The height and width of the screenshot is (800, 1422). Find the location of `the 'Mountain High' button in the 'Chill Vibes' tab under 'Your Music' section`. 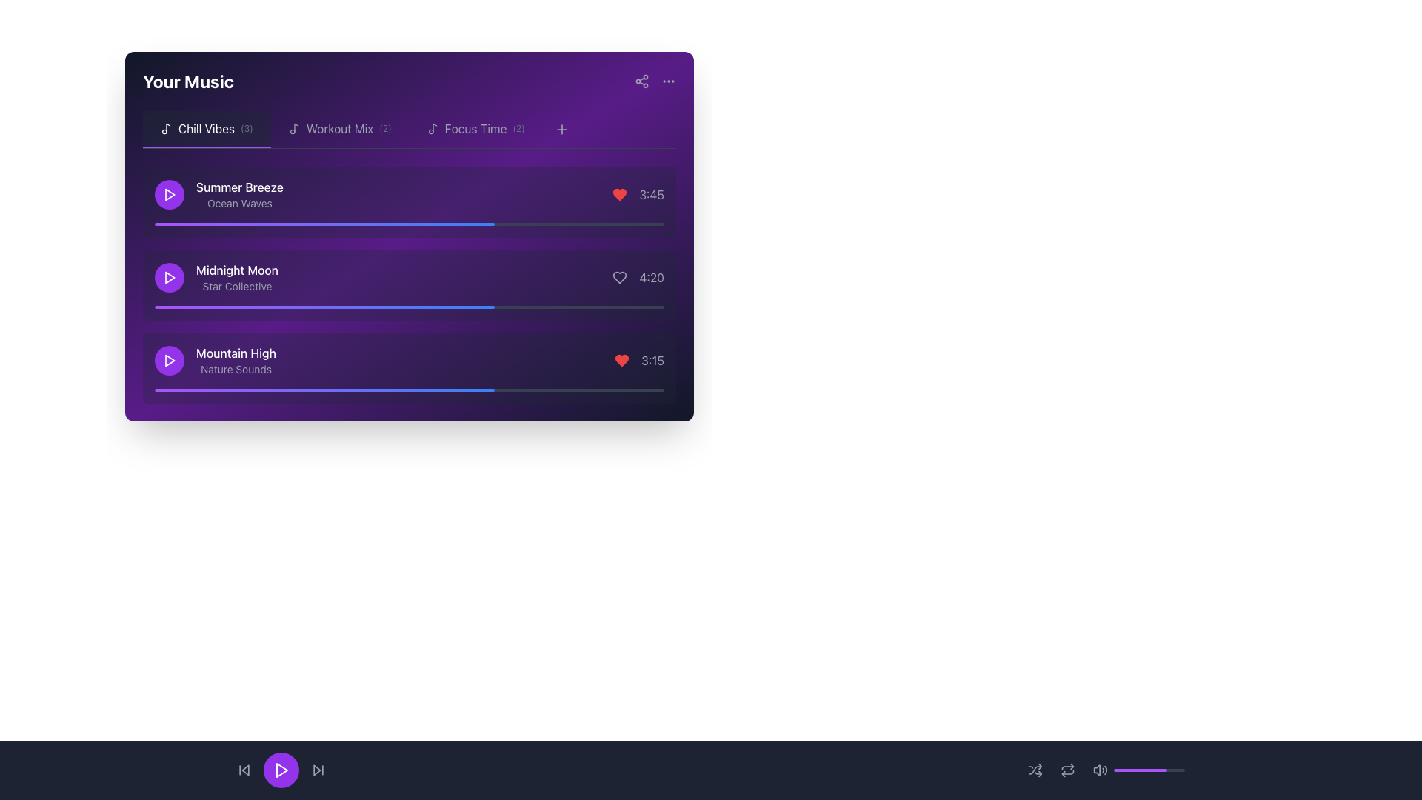

the 'Mountain High' button in the 'Chill Vibes' tab under 'Your Music' section is located at coordinates (409, 367).